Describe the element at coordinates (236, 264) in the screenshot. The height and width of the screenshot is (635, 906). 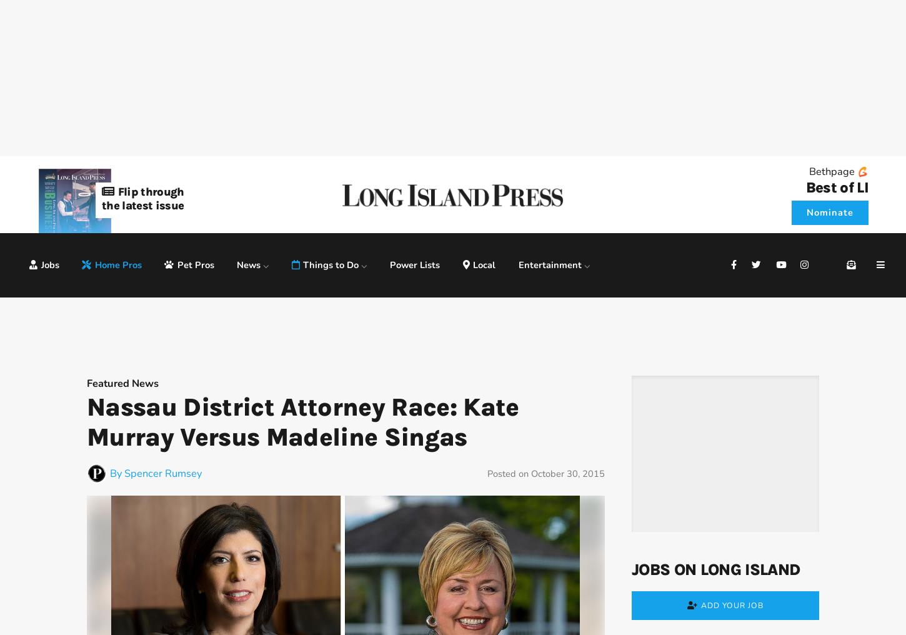
I see `'News'` at that location.